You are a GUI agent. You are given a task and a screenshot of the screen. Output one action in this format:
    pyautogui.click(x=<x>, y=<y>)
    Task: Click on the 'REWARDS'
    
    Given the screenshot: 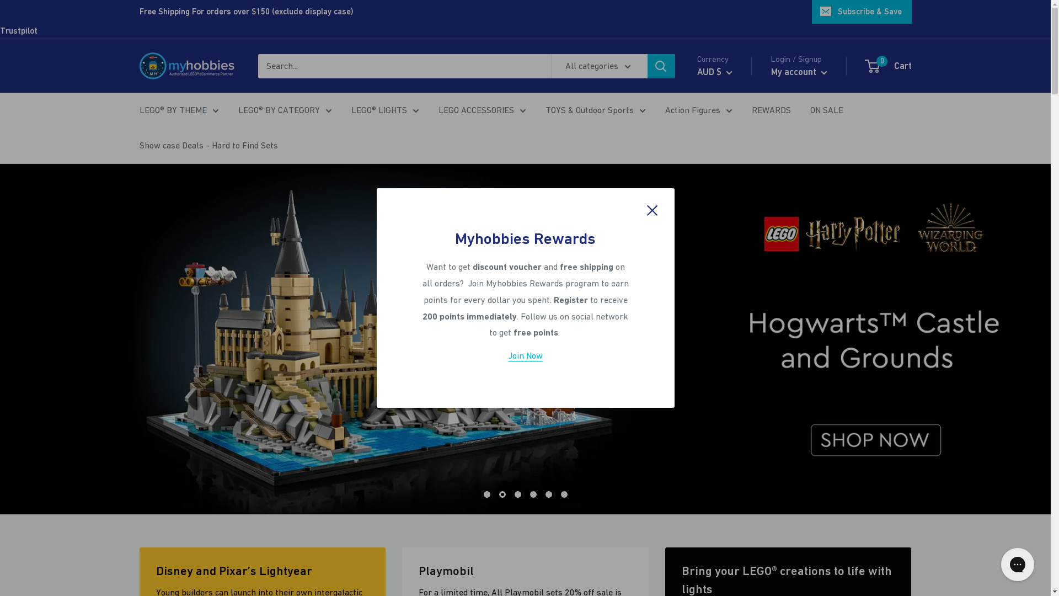 What is the action you would take?
    pyautogui.click(x=770, y=110)
    